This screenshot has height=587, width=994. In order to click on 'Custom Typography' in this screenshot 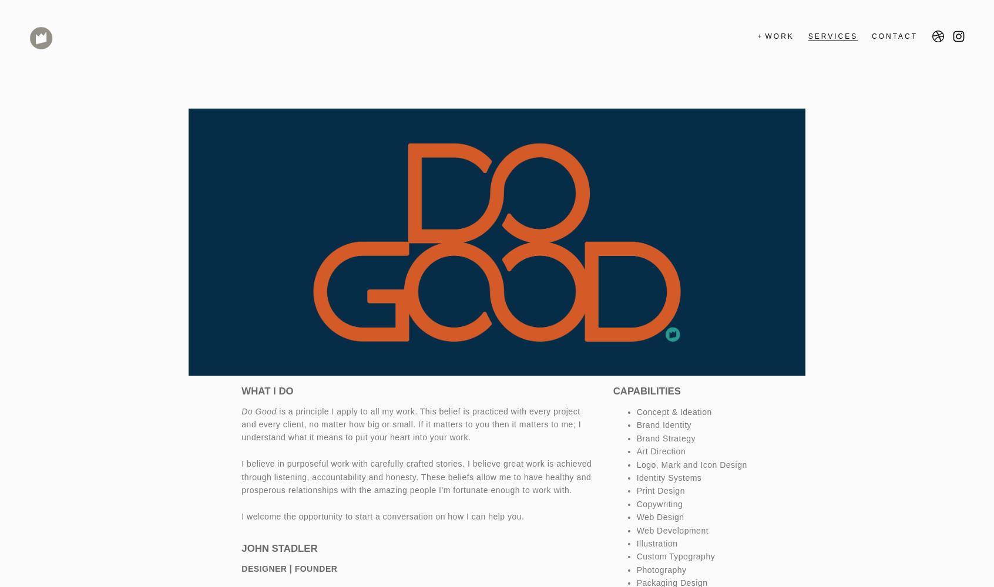, I will do `click(675, 556)`.